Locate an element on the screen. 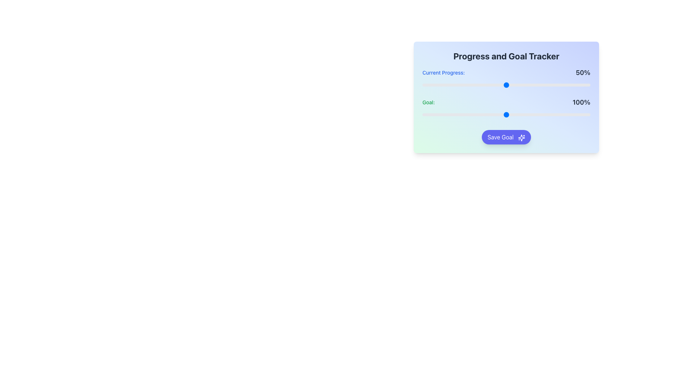 The width and height of the screenshot is (695, 391). the decorative action-confirmation icon within the 'Save Goal' button located at the bottom-right of the 'Progress and Goal Tracker' card is located at coordinates (522, 138).